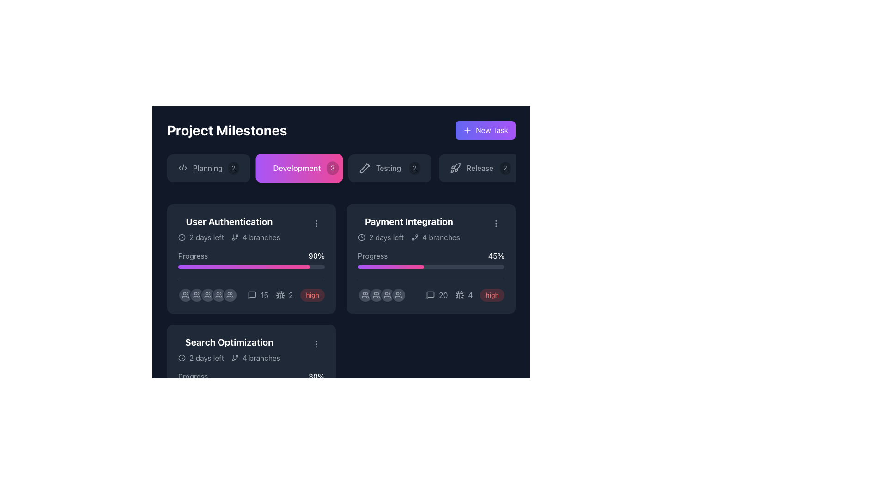  What do you see at coordinates (182, 237) in the screenshot?
I see `the circular outline of the Graphic Icon Component resembling a clock face, located above the text '2 days left' within the 'User Authentication' card` at bounding box center [182, 237].